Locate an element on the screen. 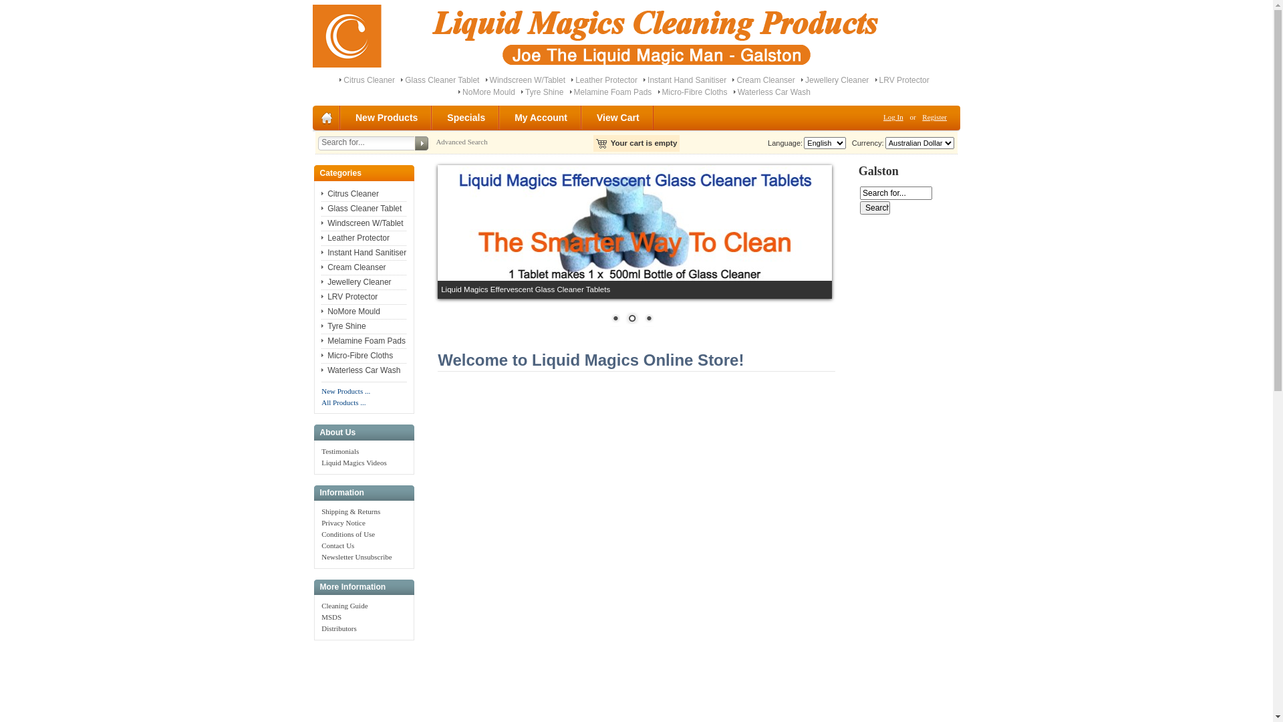 The image size is (1283, 722). 'Cream Cleanser' is located at coordinates (321, 267).